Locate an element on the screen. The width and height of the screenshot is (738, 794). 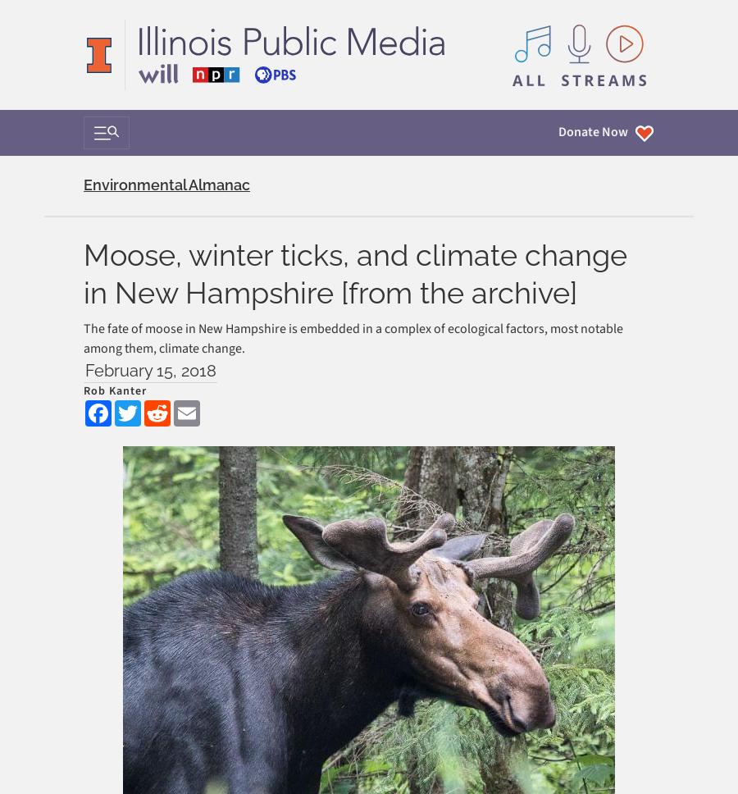
'Support' is located at coordinates (73, 192).